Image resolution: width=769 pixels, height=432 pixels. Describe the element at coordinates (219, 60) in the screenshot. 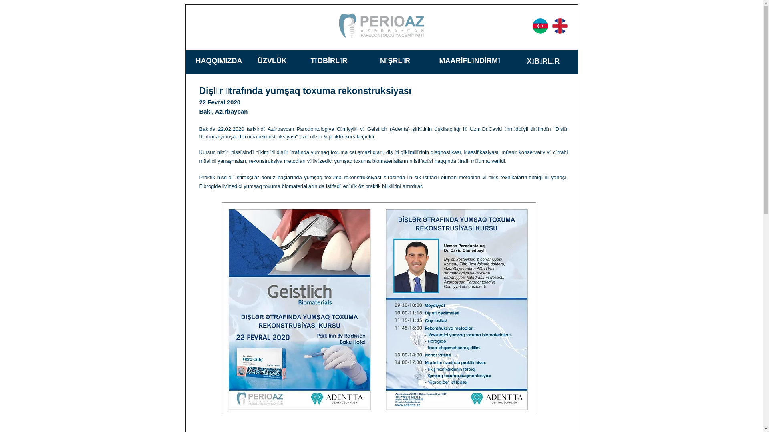

I see `'HAQQIMIZDA'` at that location.